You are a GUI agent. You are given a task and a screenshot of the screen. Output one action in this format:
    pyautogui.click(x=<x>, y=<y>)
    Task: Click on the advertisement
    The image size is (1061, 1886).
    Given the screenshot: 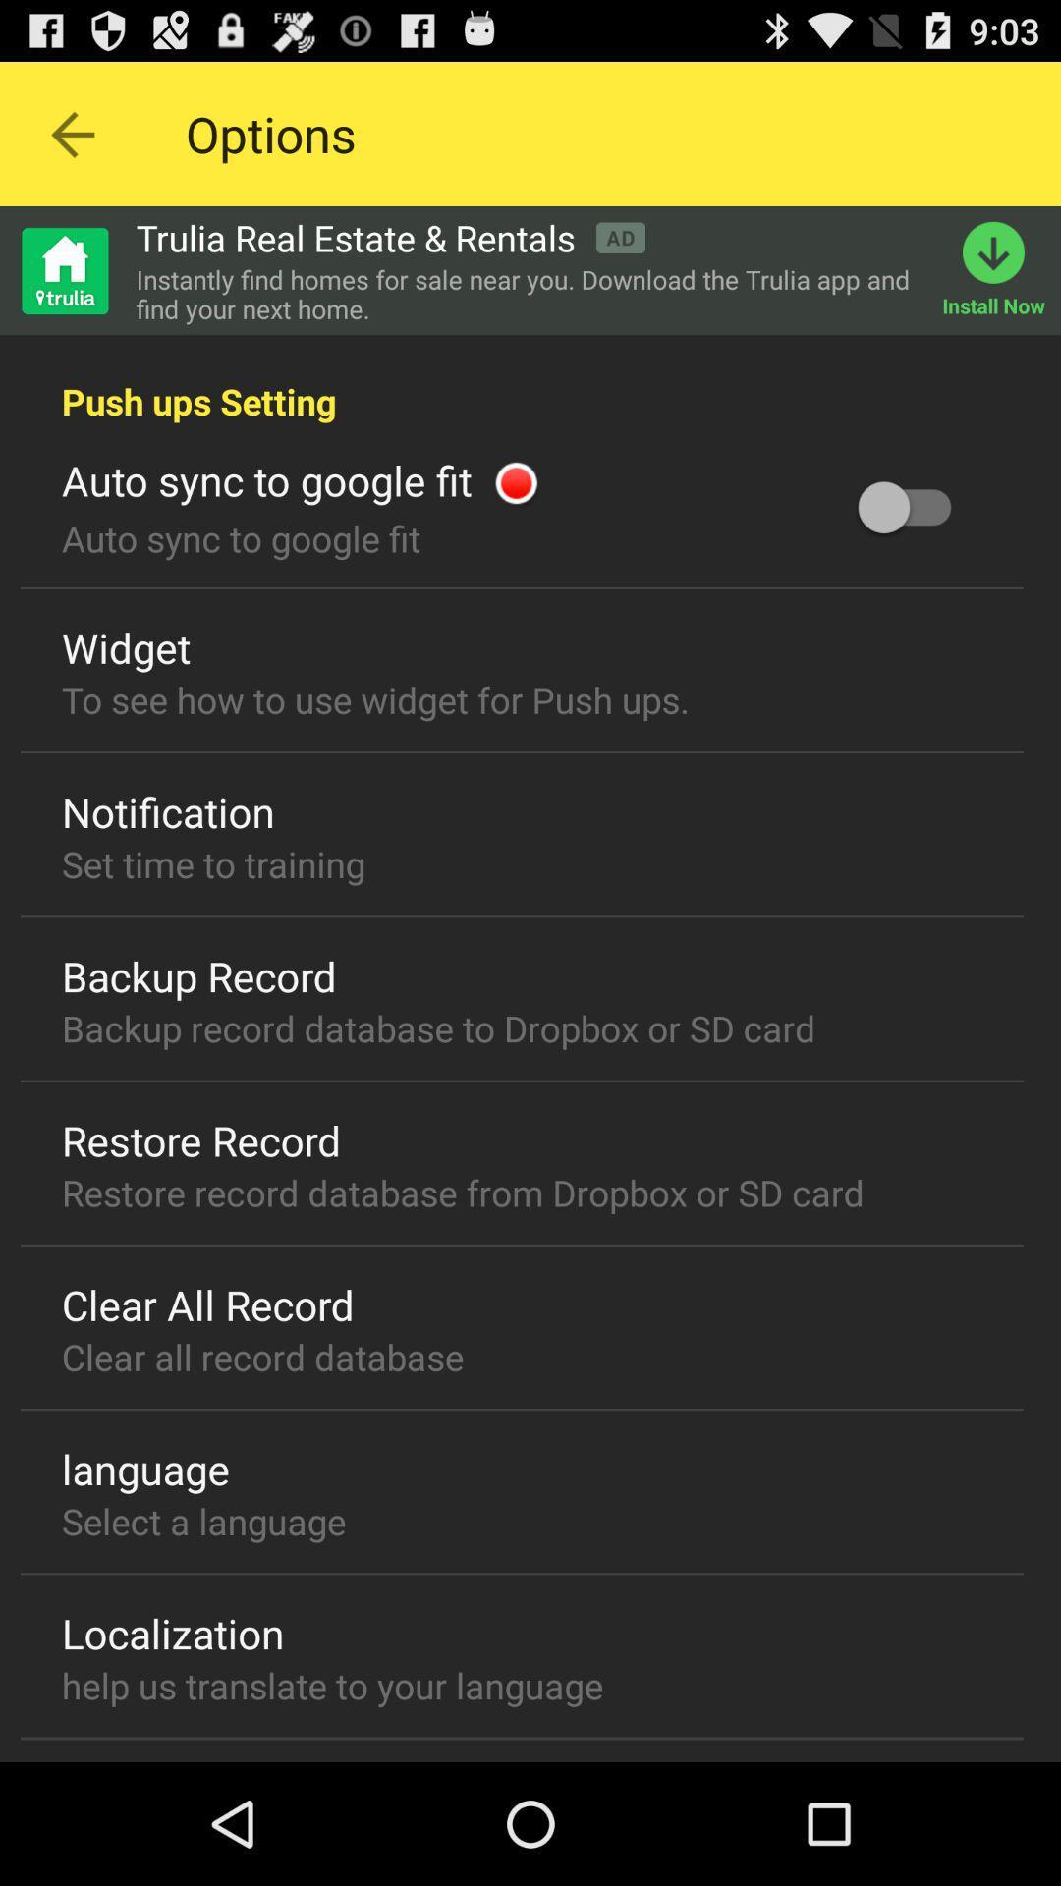 What is the action you would take?
    pyautogui.click(x=63, y=269)
    